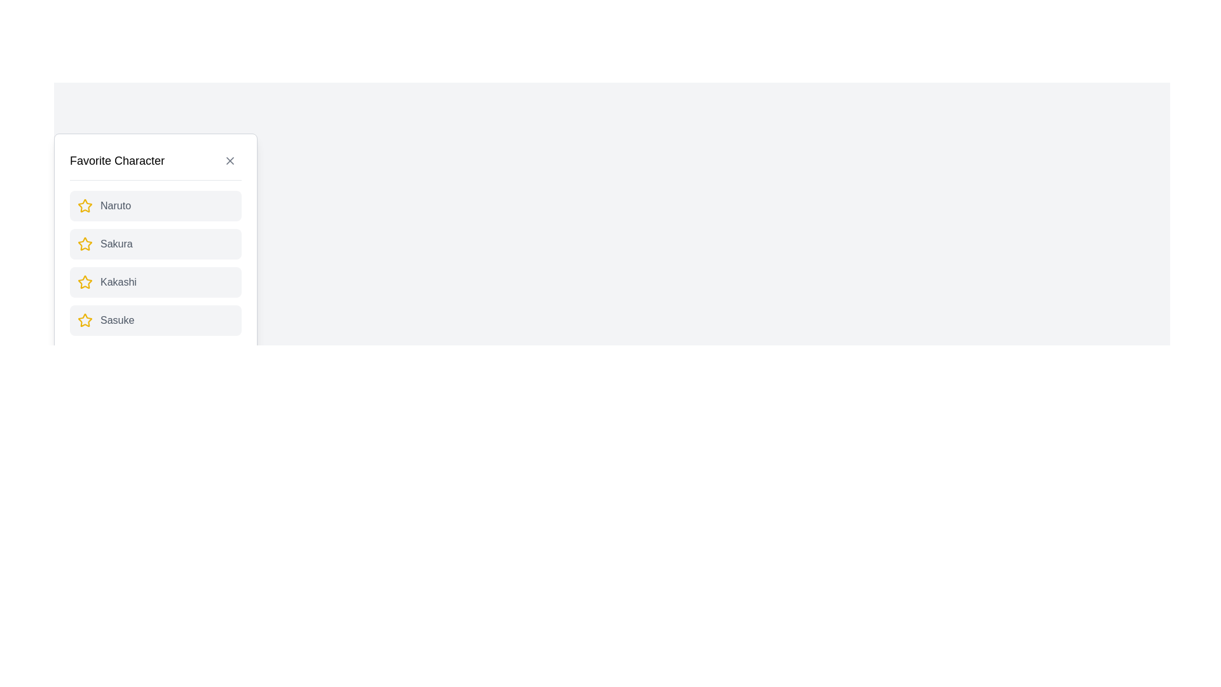 The image size is (1221, 687). Describe the element at coordinates (155, 205) in the screenshot. I see `the selectable option labeled 'Naruto' in the 'Favorite Character' list` at that location.